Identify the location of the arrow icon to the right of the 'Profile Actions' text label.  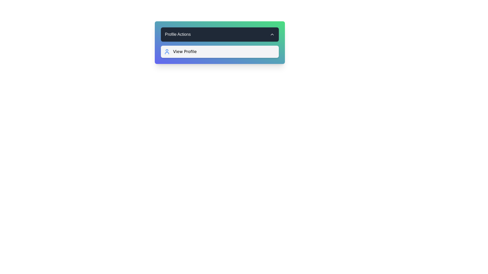
(272, 34).